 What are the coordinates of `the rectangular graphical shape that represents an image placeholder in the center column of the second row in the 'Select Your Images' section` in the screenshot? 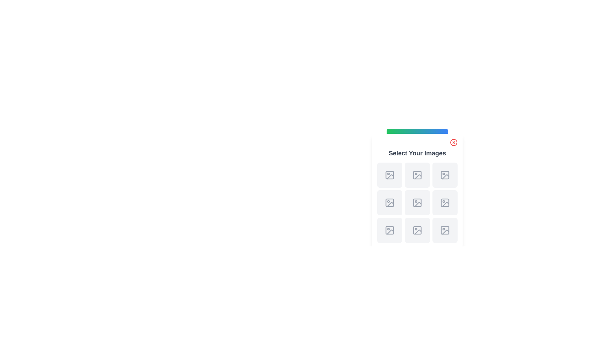 It's located at (417, 202).